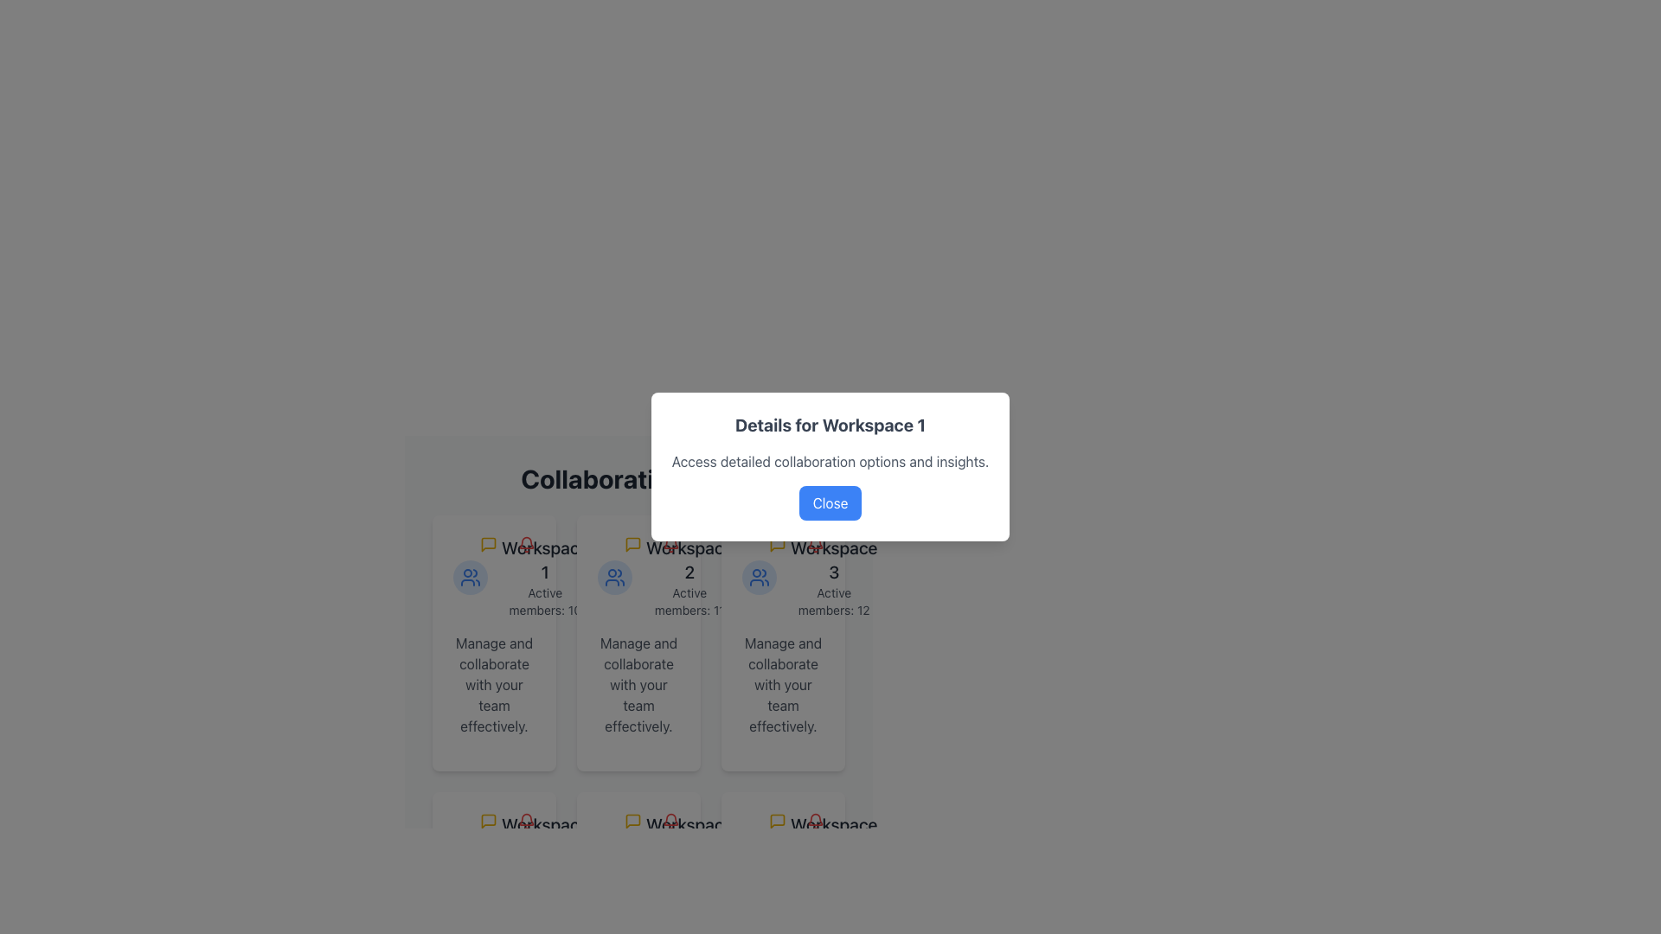  I want to click on text element displaying 'Manage and collaborate with your team effectively.' which is styled in gray font and located within the card of 'Workspace 1' below 'Active members: 10', so click(493, 683).